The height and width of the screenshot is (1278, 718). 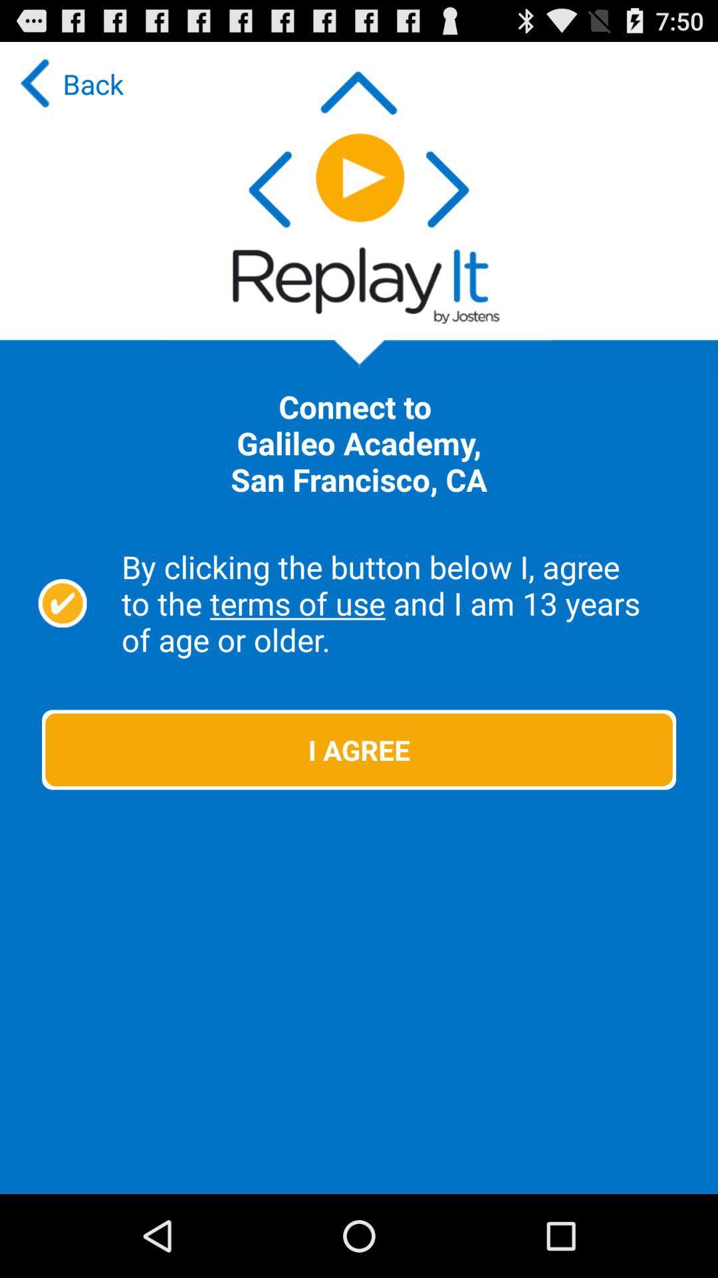 What do you see at coordinates (62, 602) in the screenshot?
I see `click icon to agree on terms of use` at bounding box center [62, 602].